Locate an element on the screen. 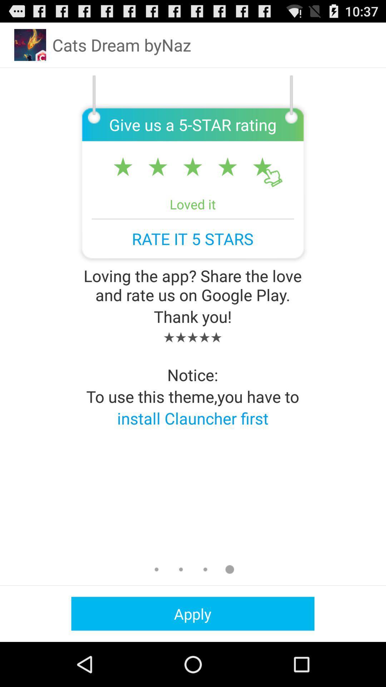 Image resolution: width=386 pixels, height=687 pixels. the apply icon is located at coordinates (192, 613).